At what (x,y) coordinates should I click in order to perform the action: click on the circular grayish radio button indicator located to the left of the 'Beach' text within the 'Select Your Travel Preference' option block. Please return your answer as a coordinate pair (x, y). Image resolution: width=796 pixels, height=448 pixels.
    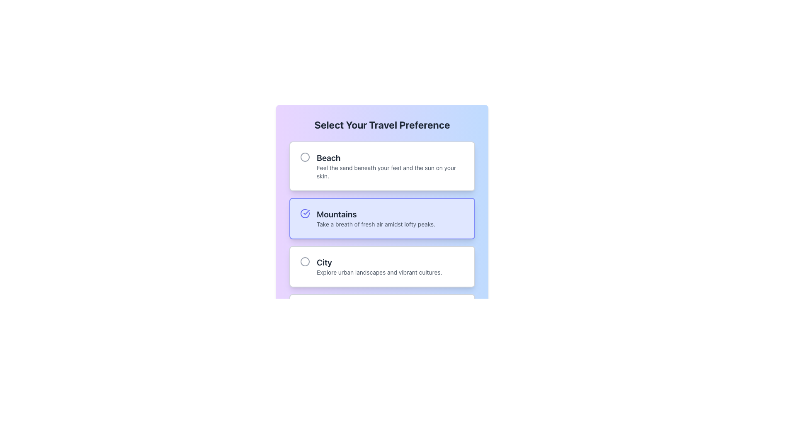
    Looking at the image, I should click on (304, 157).